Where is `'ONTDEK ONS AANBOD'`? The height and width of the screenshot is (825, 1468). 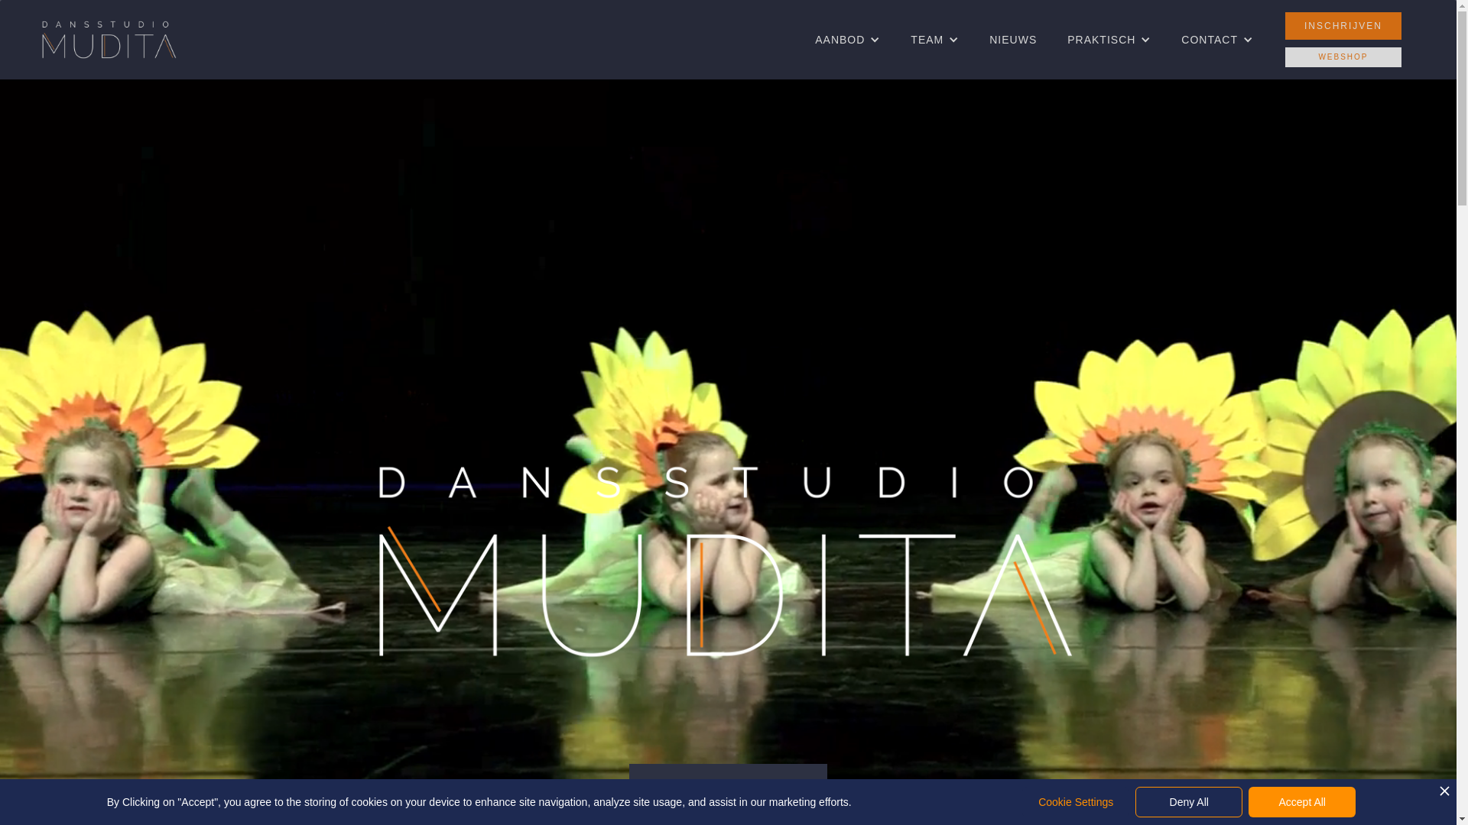 'ONTDEK ONS AANBOD' is located at coordinates (727, 786).